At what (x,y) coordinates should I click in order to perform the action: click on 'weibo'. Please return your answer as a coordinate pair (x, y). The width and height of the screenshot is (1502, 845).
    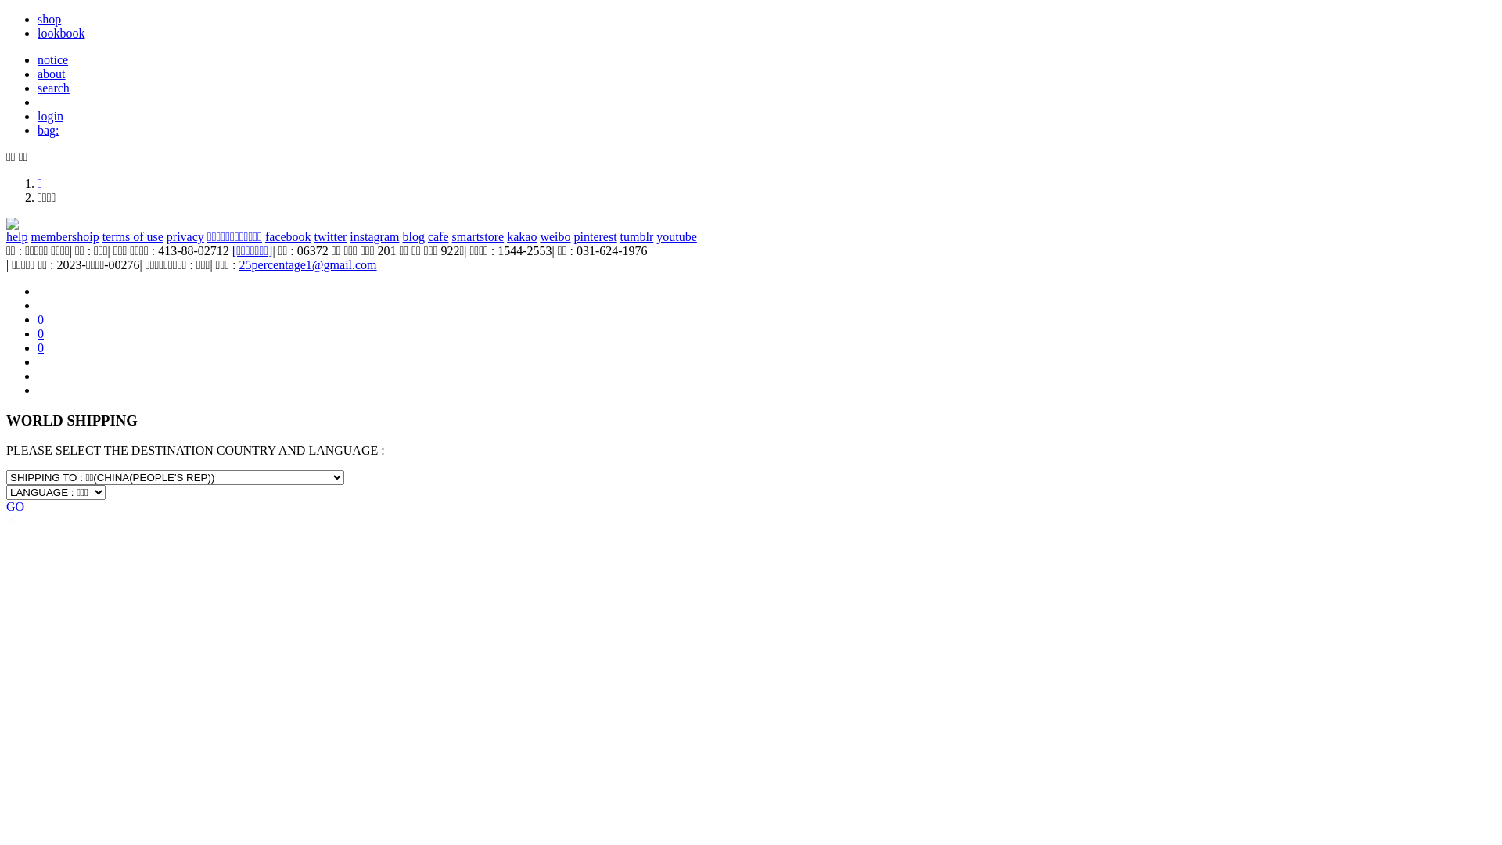
    Looking at the image, I should click on (540, 236).